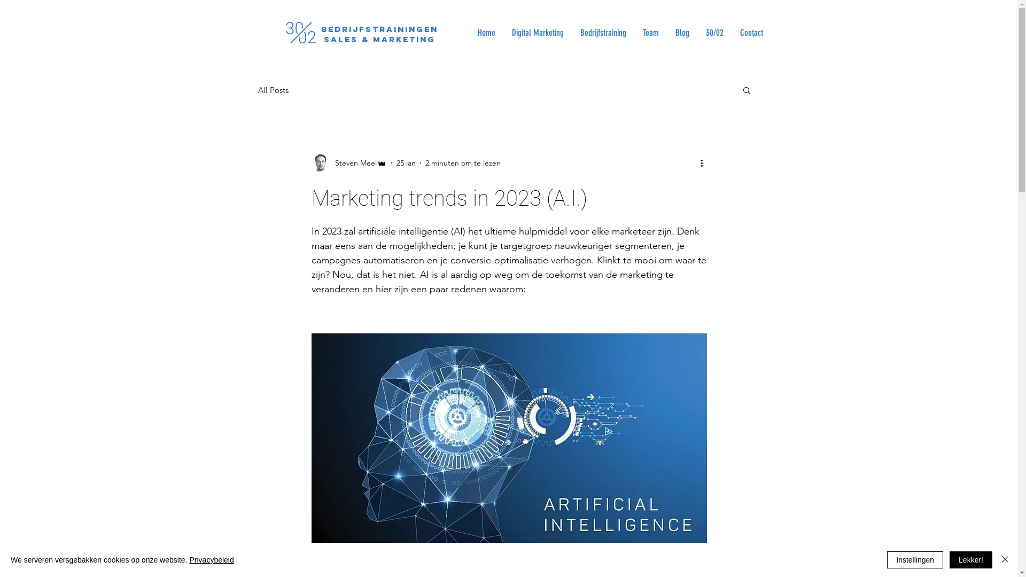  I want to click on 'Bedrijfstrainingen, so click(379, 34).